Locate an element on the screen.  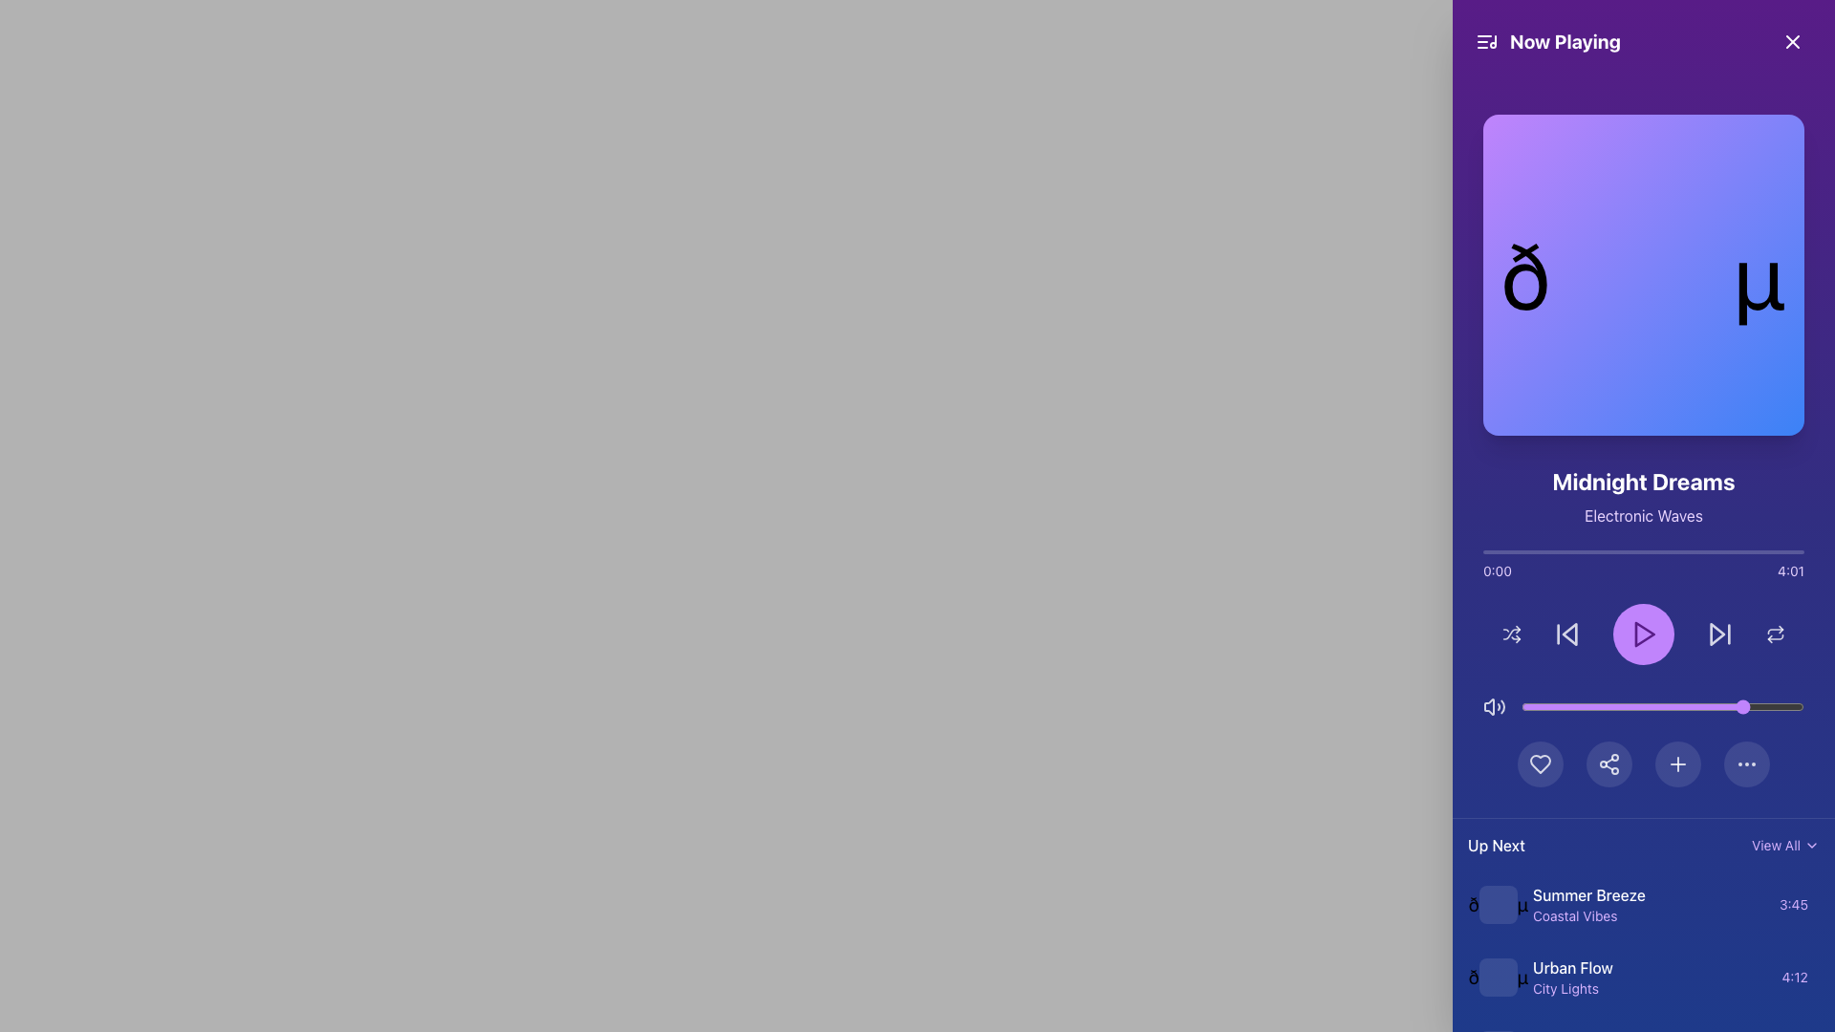
the '+' icon button located at the bottom center of the media player interface is located at coordinates (1677, 763).